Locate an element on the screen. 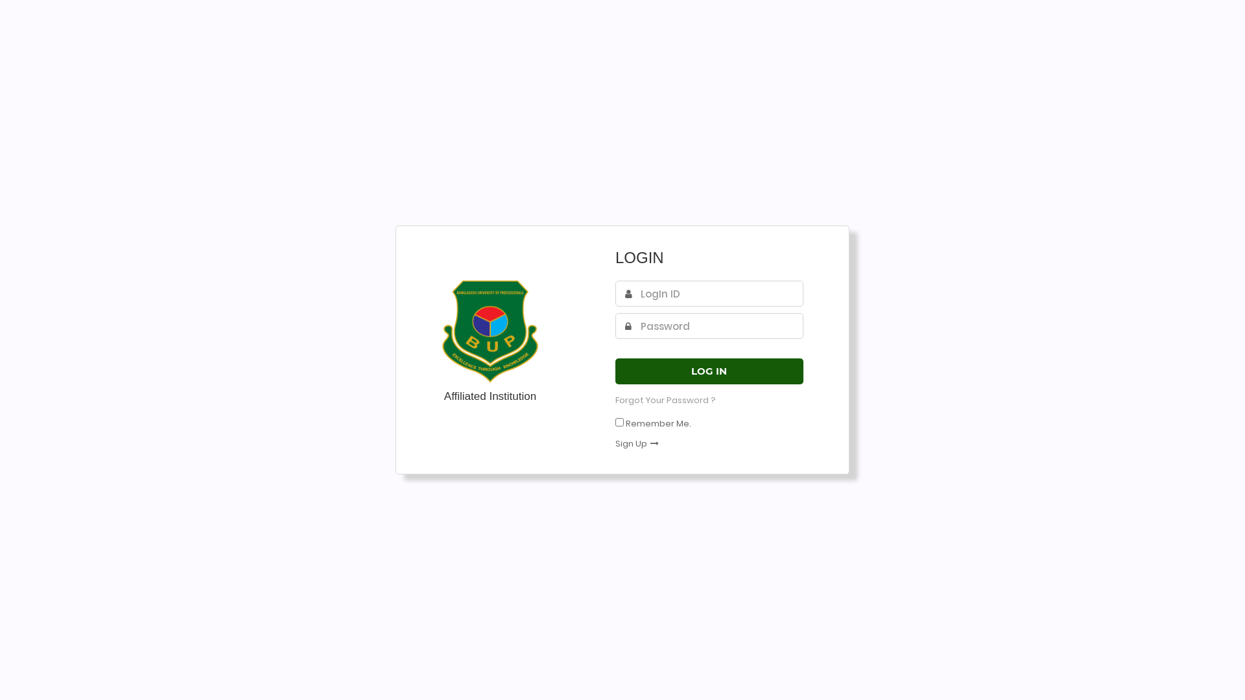  'Remember Me.' is located at coordinates (658, 423).